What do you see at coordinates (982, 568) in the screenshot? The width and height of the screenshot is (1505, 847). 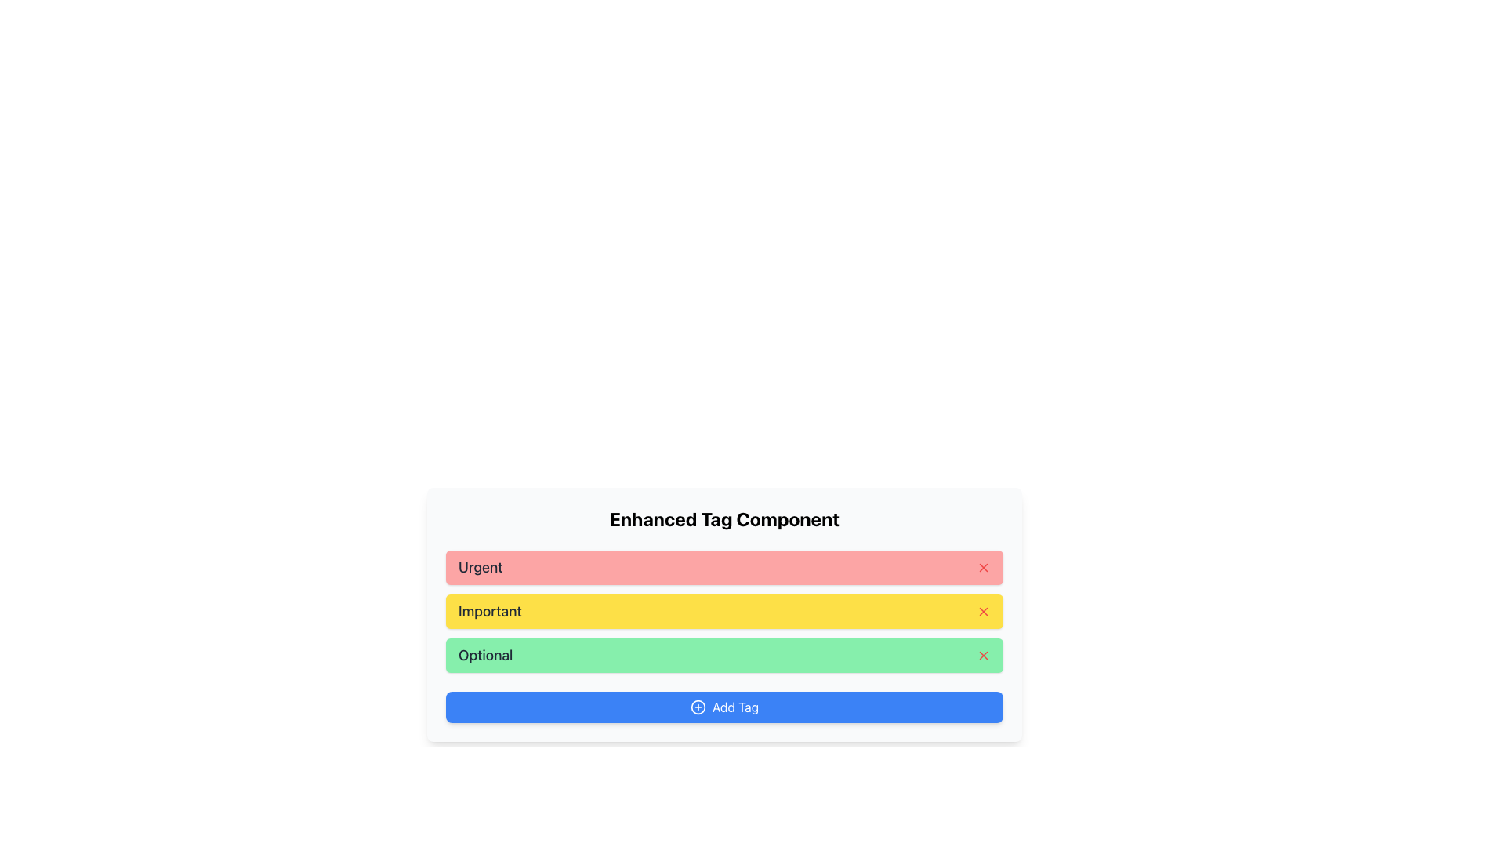 I see `the close button associated with the 'Urgent' tag to observe the color change indicating interactivity` at bounding box center [982, 568].